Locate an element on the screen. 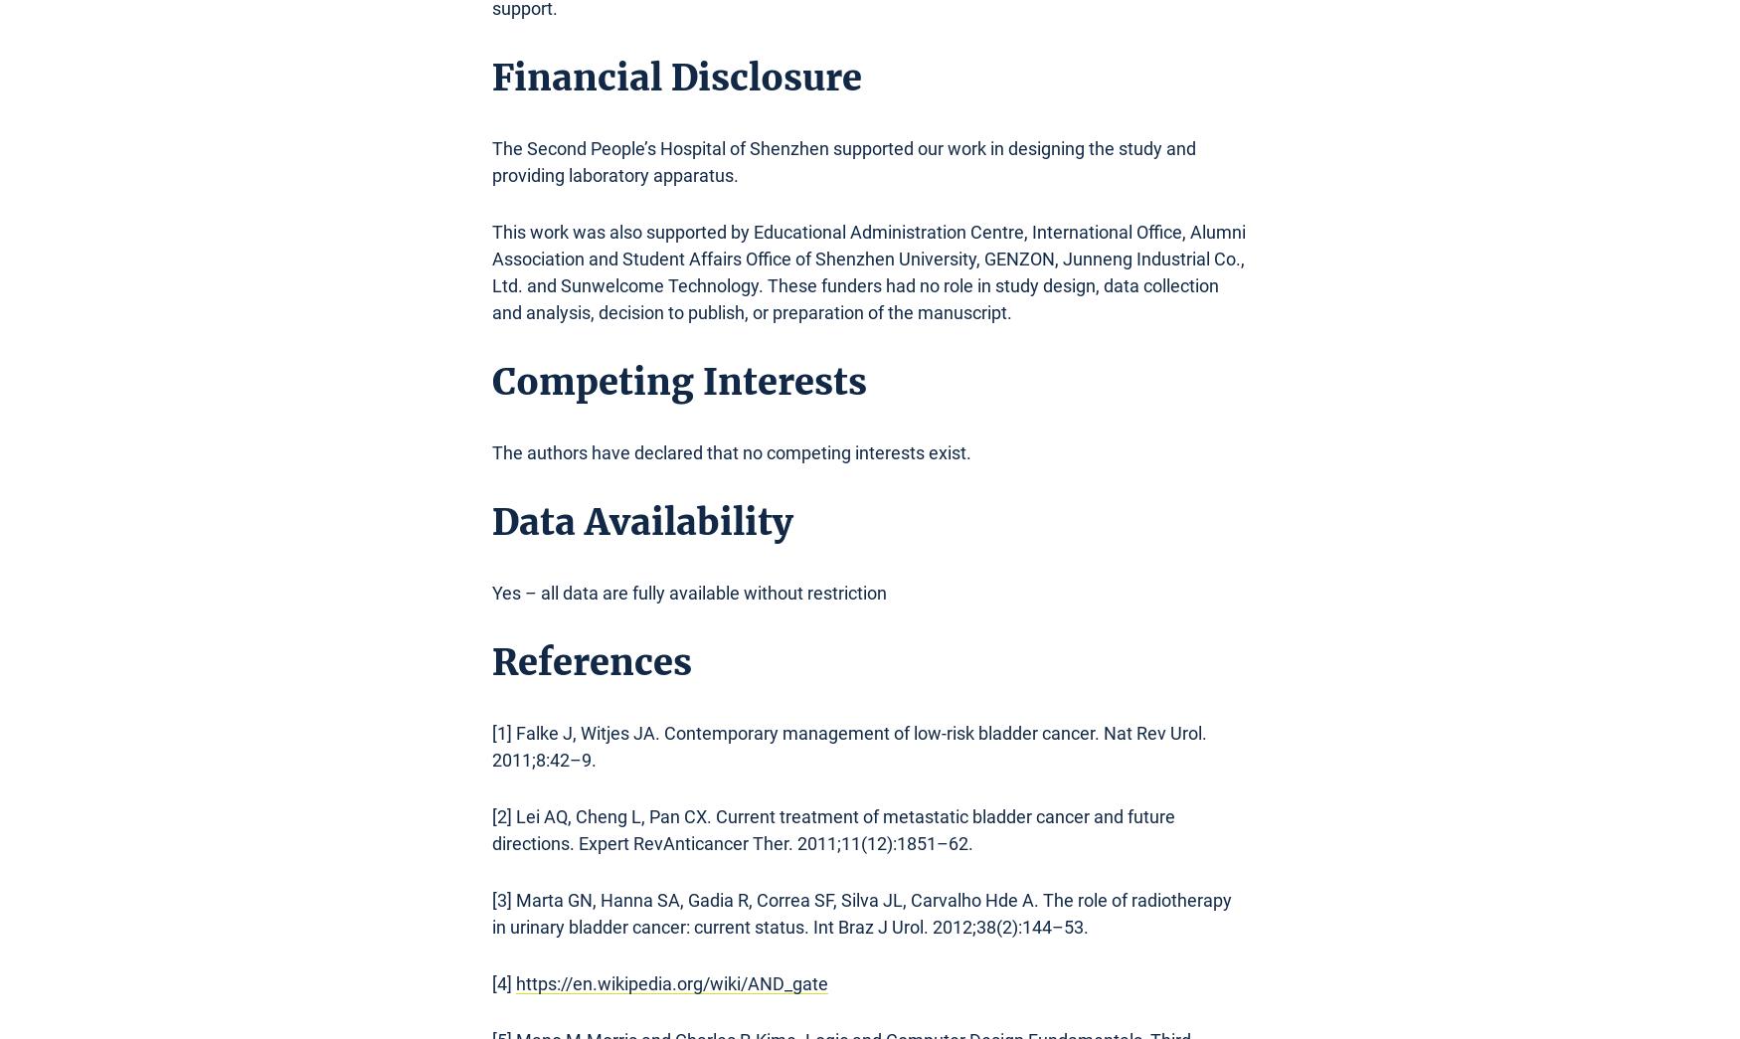  'This work was also supported by Educational Administration Centre, International Office, Alumni Association and Student Affairs Office of Shenzhen University, GENZON, Junneng Industrial Co., Ltd. and Sunwelcome Technology. These funders had no role in study design, data collection and analysis, decision to publish, or preparation of the manuscript.' is located at coordinates (868, 270).